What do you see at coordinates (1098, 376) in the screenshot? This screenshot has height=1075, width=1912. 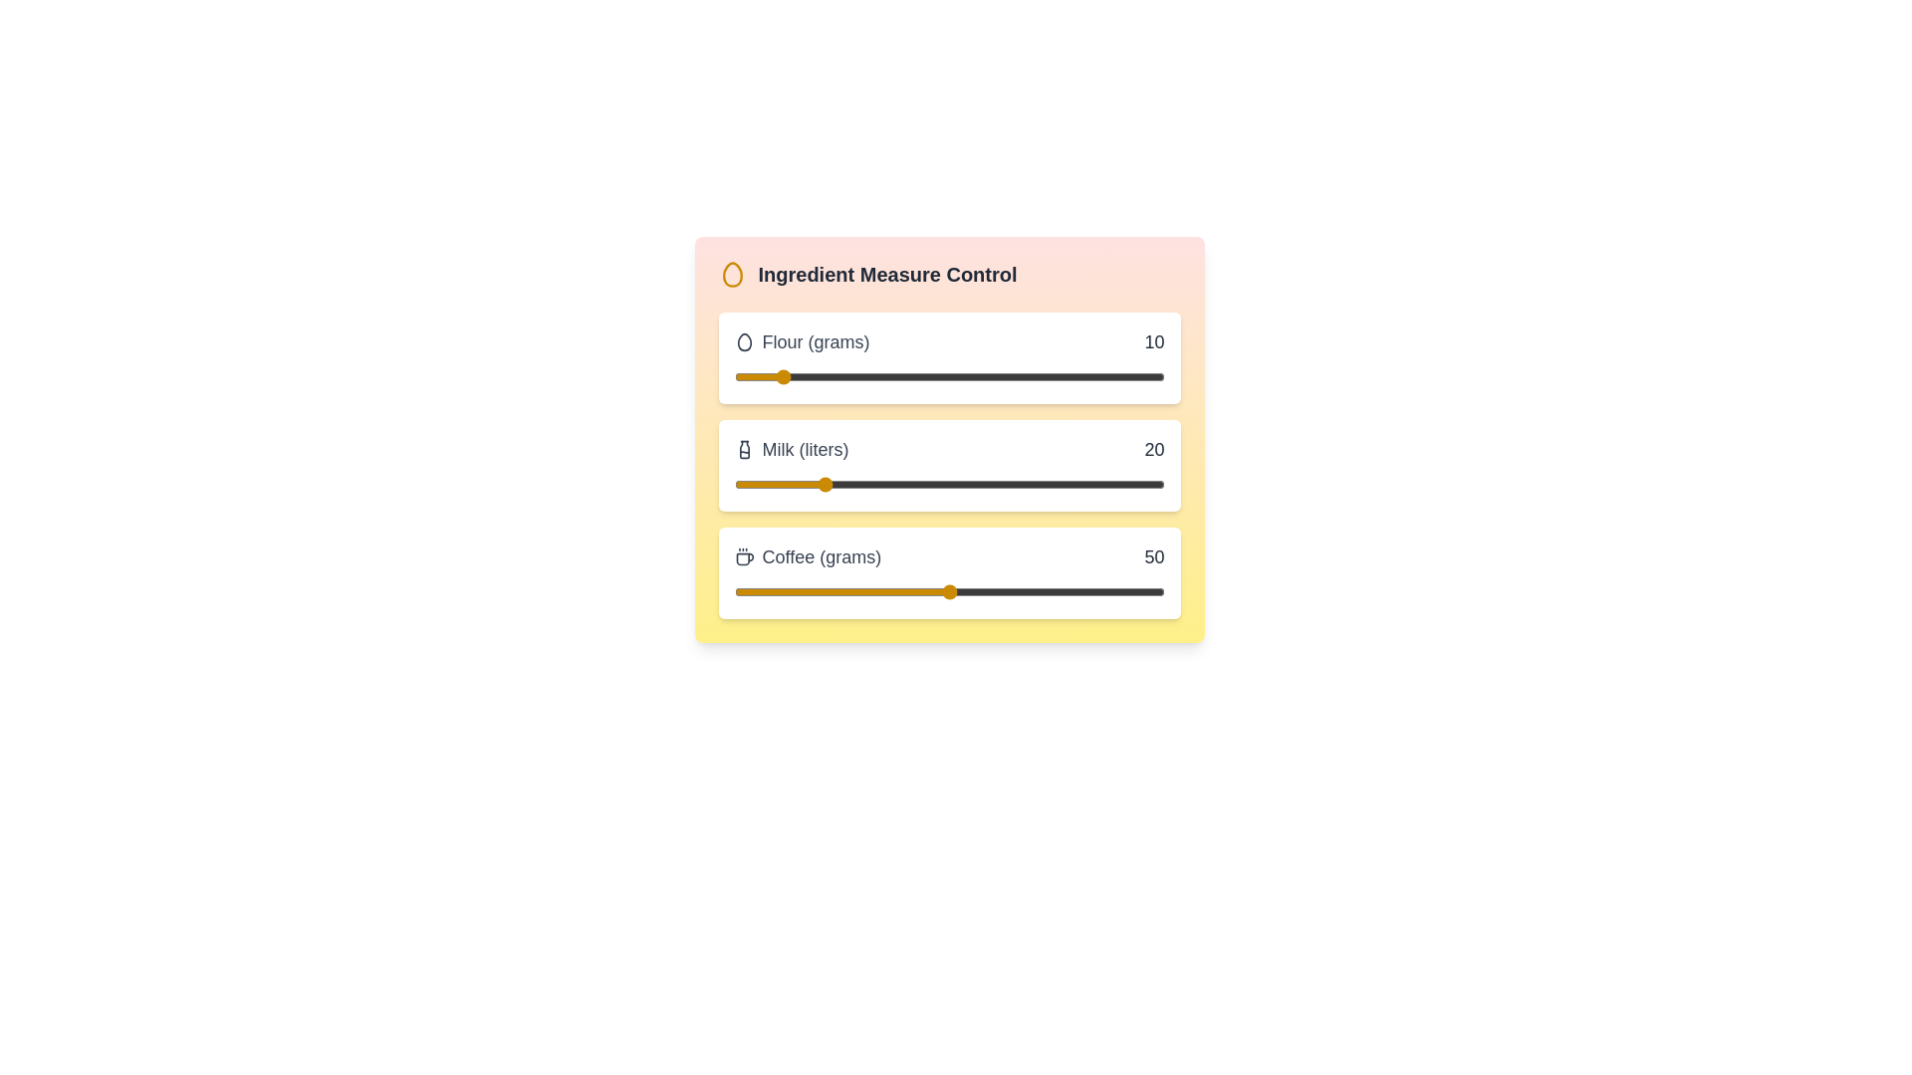 I see `ingredient measurement` at bounding box center [1098, 376].